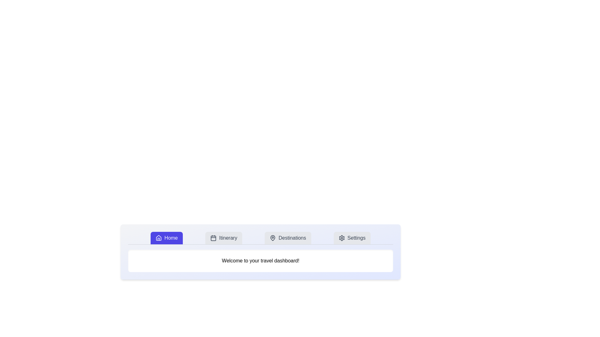  I want to click on the 'Itinerary' icon, so click(213, 238).